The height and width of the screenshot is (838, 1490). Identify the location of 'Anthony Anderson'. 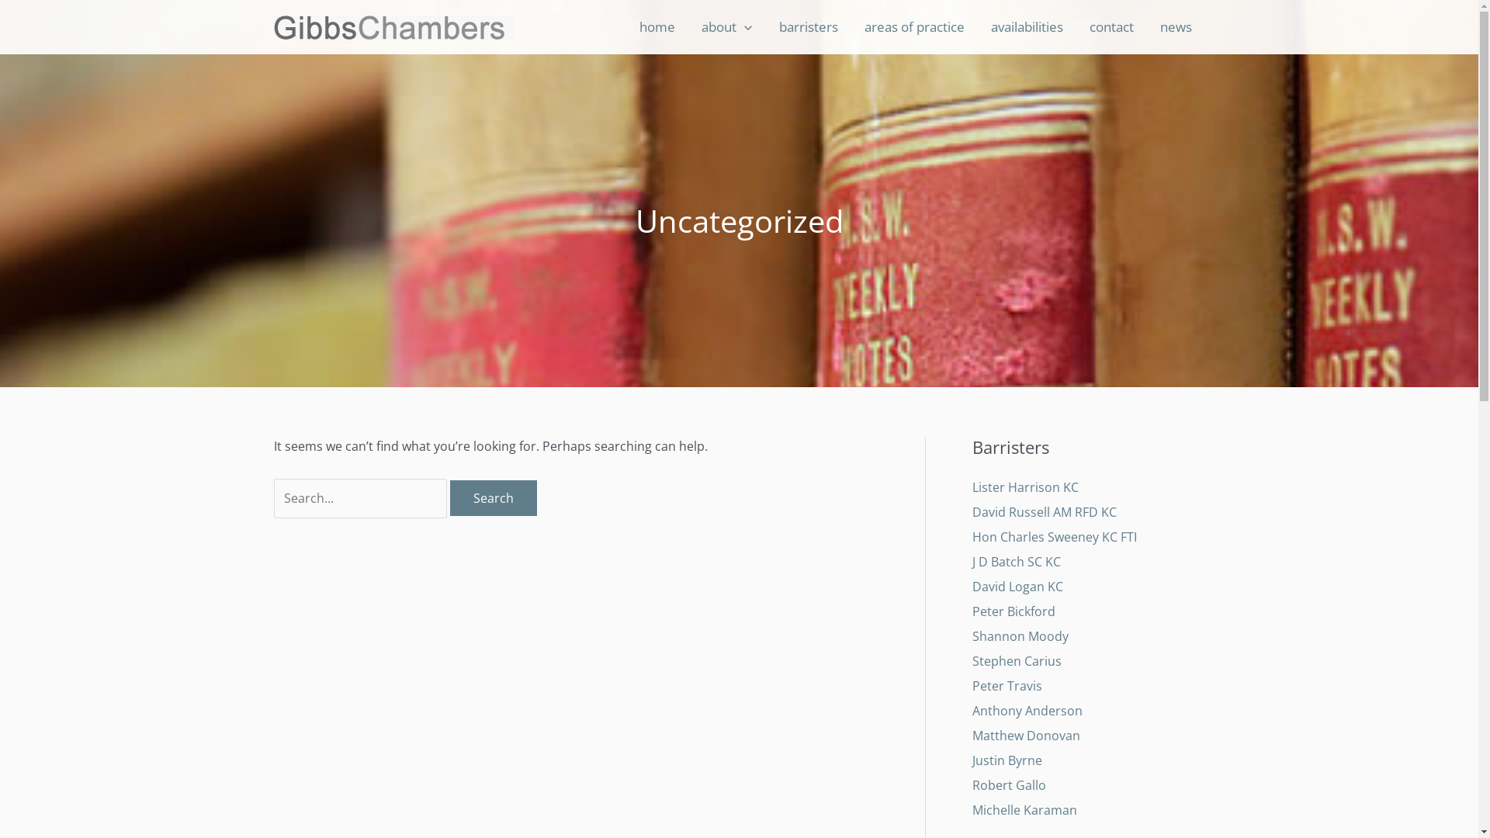
(1027, 710).